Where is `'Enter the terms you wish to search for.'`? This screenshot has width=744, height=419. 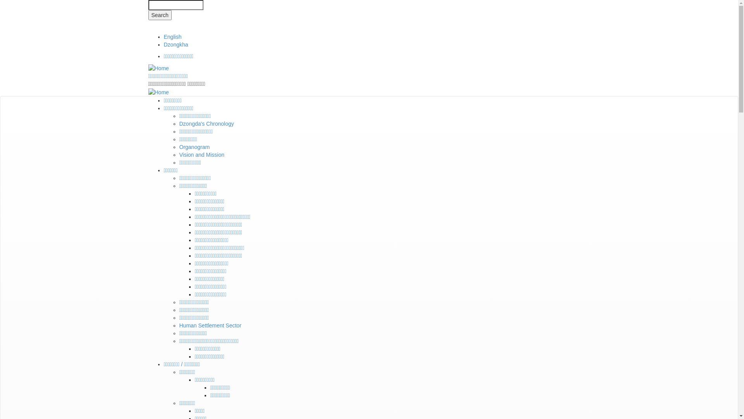
'Enter the terms you wish to search for.' is located at coordinates (175, 5).